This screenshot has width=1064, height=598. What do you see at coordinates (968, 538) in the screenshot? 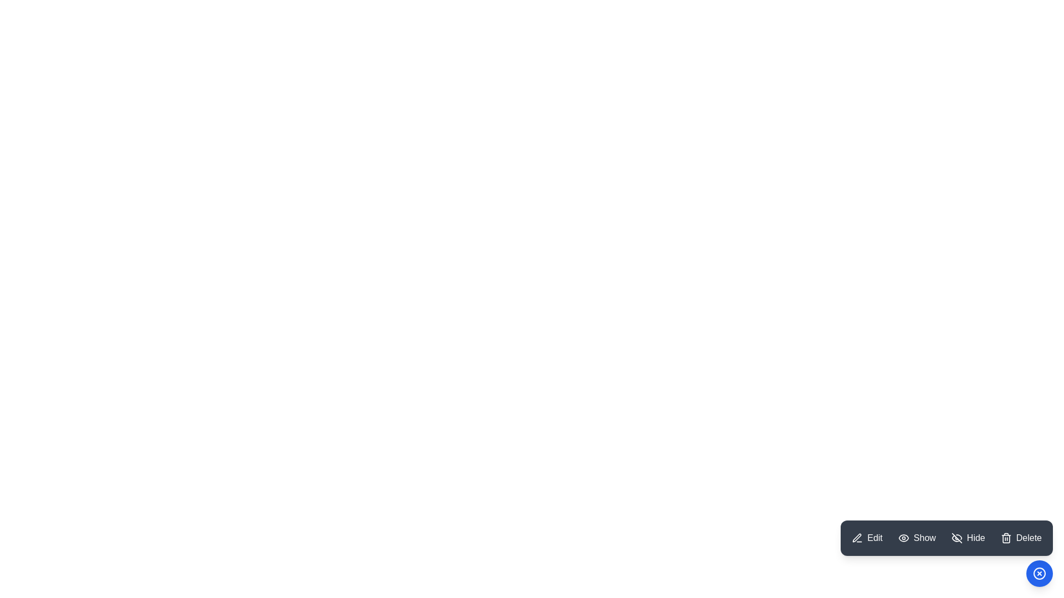
I see `the Hide button in the ModernSpeedDial menu` at bounding box center [968, 538].